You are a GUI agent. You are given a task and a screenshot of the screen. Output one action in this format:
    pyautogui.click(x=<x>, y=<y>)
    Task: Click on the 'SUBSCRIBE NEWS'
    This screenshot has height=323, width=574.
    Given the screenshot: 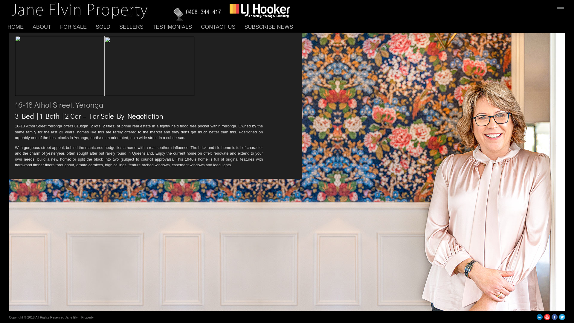 What is the action you would take?
    pyautogui.click(x=244, y=26)
    